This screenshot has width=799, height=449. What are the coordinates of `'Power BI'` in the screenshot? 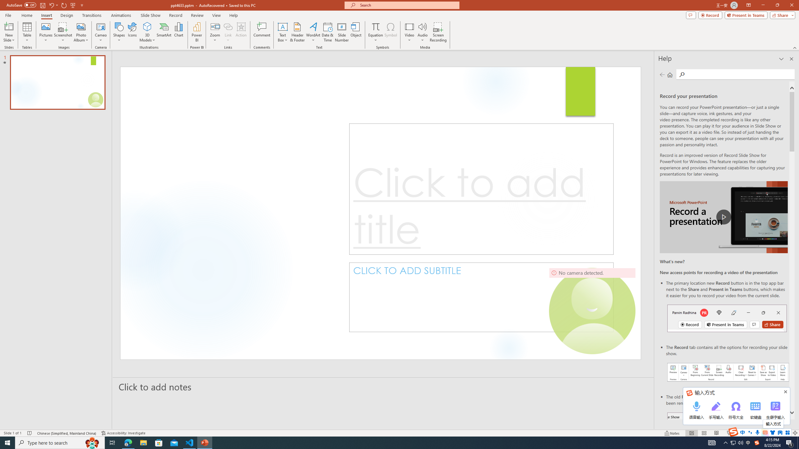 It's located at (197, 32).